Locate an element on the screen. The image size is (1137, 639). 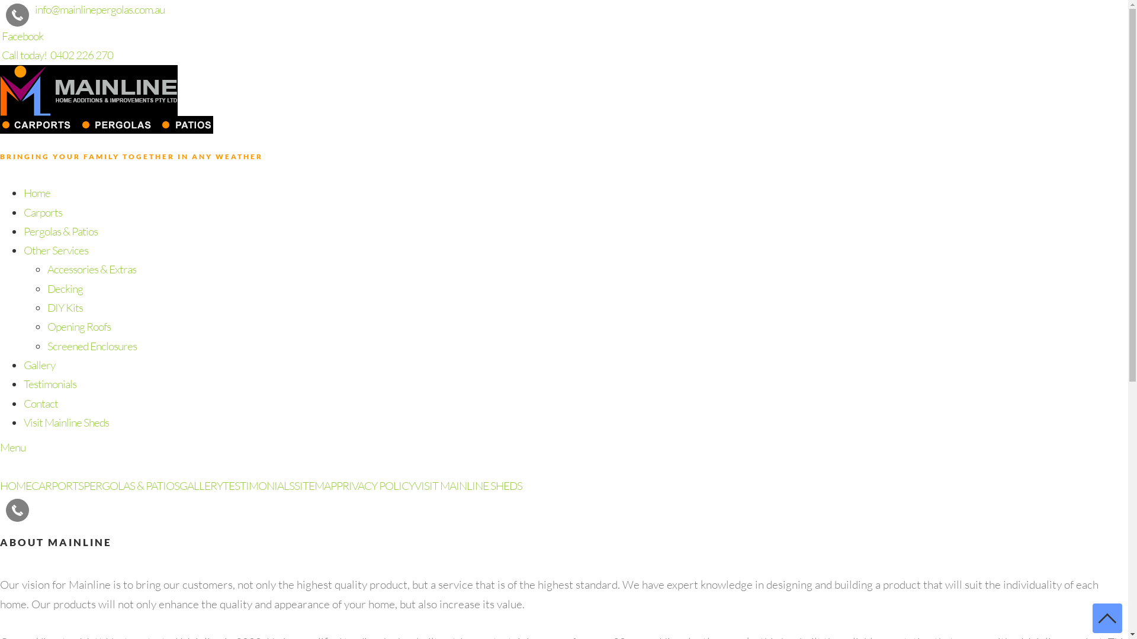
'Screened Enclosures' is located at coordinates (47, 346).